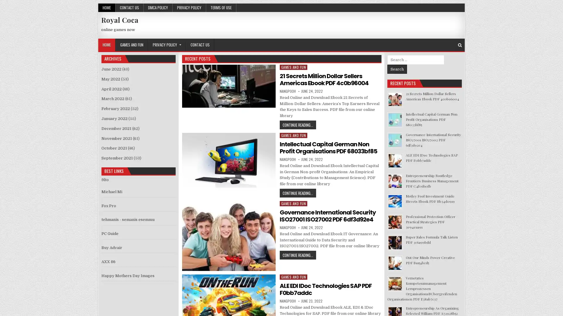  I want to click on Search, so click(397, 69).